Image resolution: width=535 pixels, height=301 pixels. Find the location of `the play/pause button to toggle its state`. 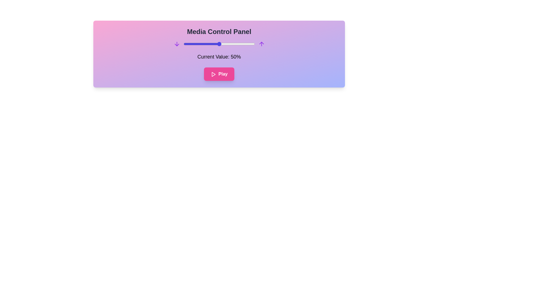

the play/pause button to toggle its state is located at coordinates (219, 74).